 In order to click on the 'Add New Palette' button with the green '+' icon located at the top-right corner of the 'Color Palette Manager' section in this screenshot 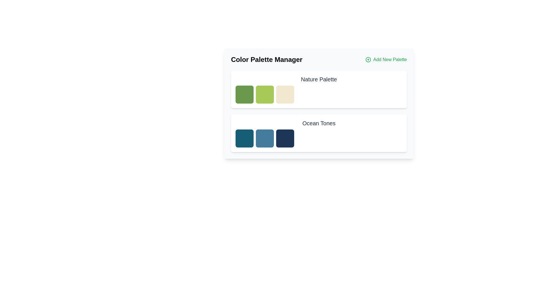, I will do `click(386, 60)`.